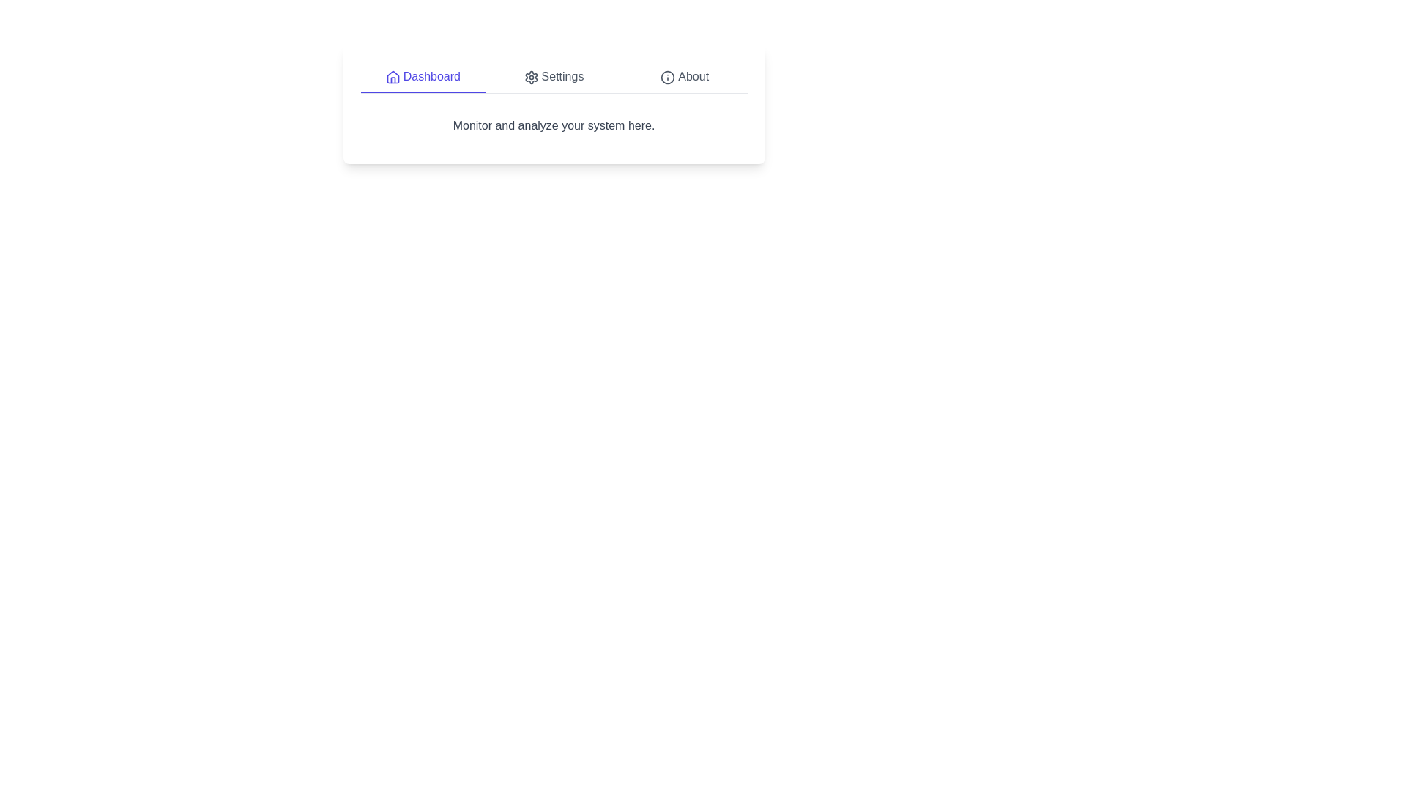  What do you see at coordinates (553, 77) in the screenshot?
I see `the tab labeled Settings to observe its visual change` at bounding box center [553, 77].